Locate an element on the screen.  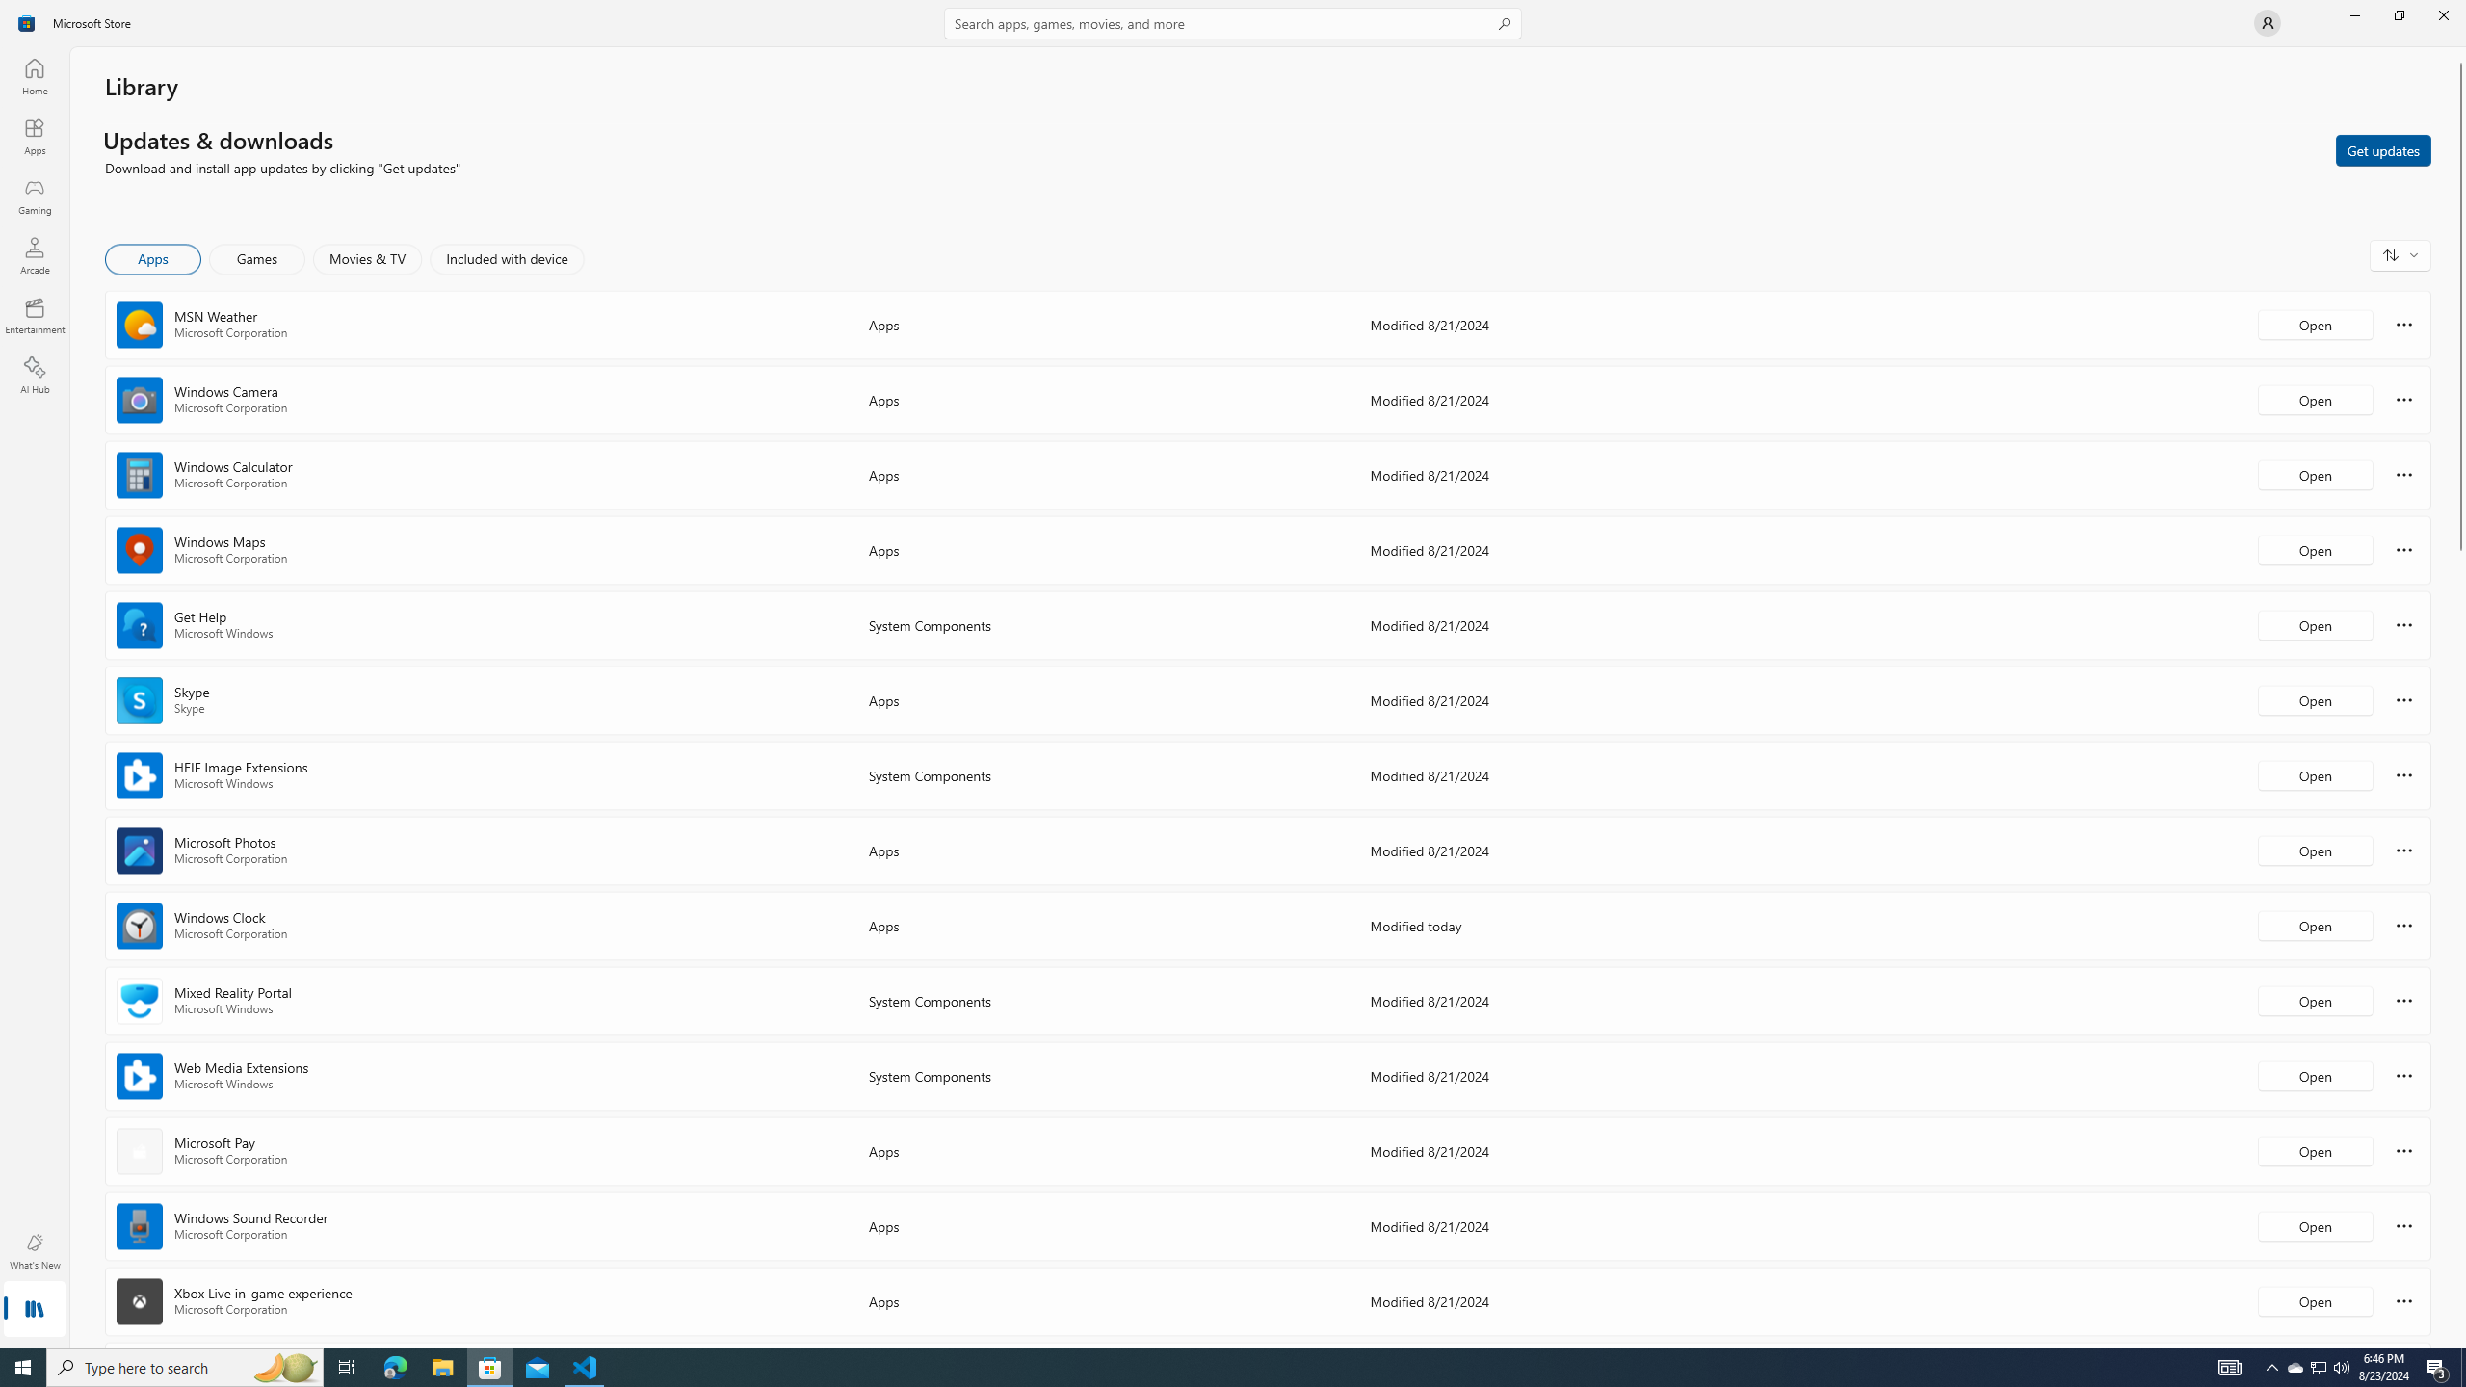
'Games' is located at coordinates (256, 258).